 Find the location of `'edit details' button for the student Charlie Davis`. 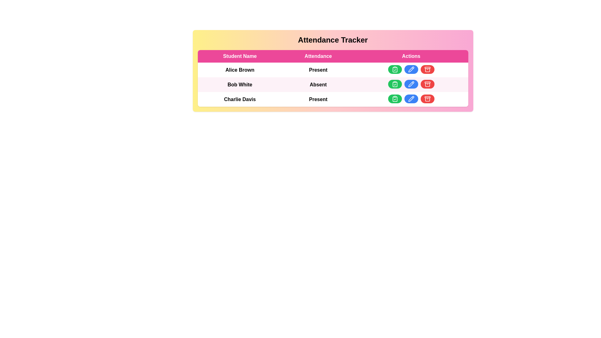

'edit details' button for the student Charlie Davis is located at coordinates (411, 99).